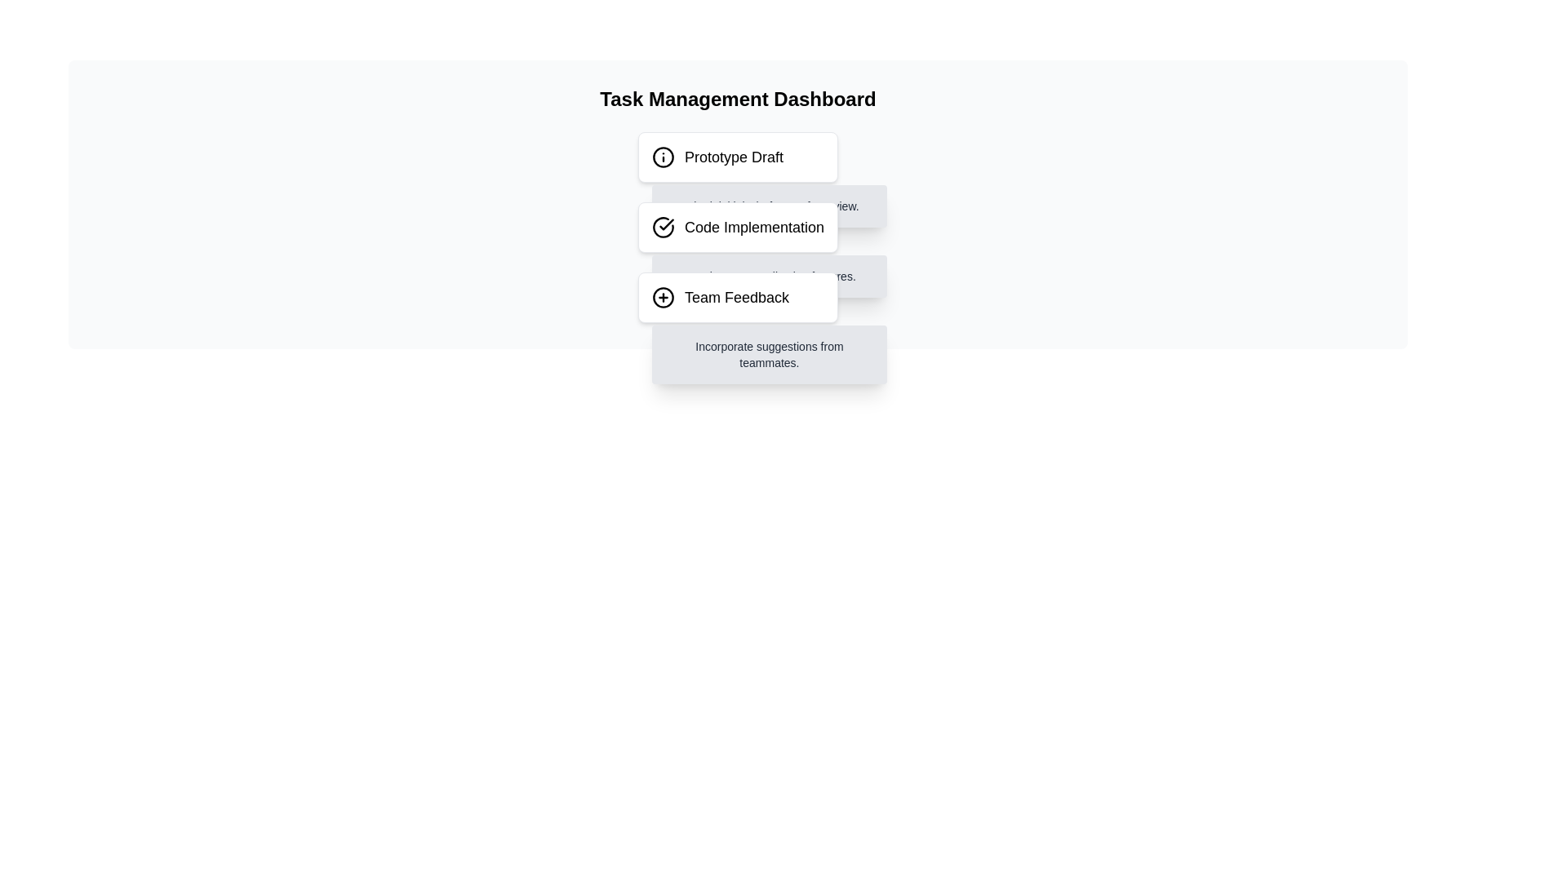 The width and height of the screenshot is (1567, 881). I want to click on the interactive button located to the left of the 'Team Feedback' text in the third card down, so click(663, 298).